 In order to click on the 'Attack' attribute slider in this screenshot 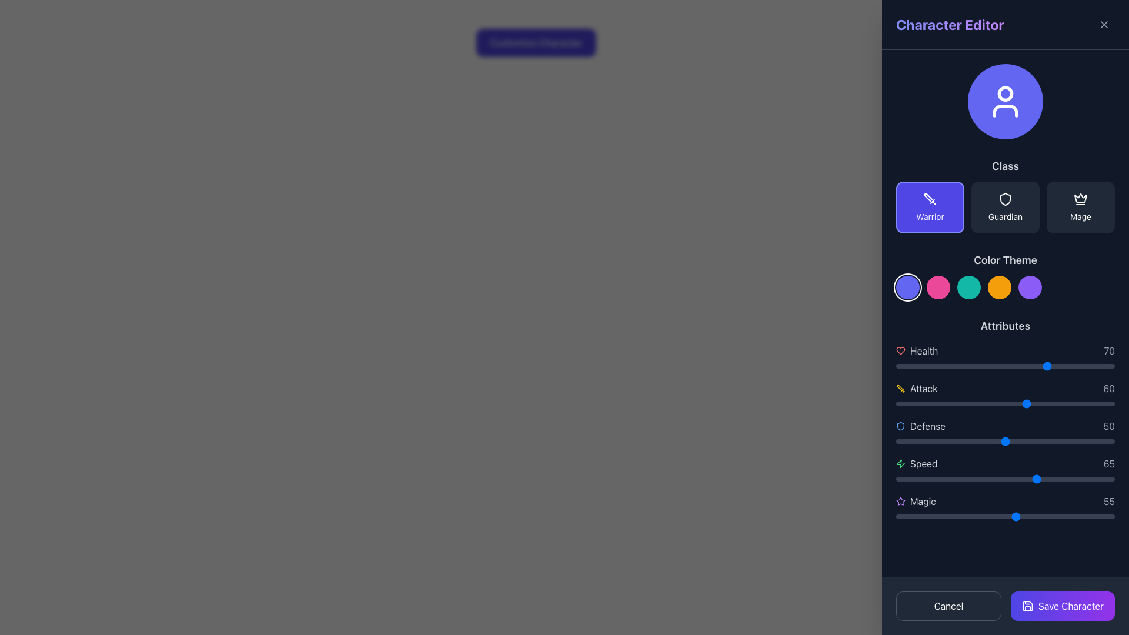, I will do `click(1043, 403)`.